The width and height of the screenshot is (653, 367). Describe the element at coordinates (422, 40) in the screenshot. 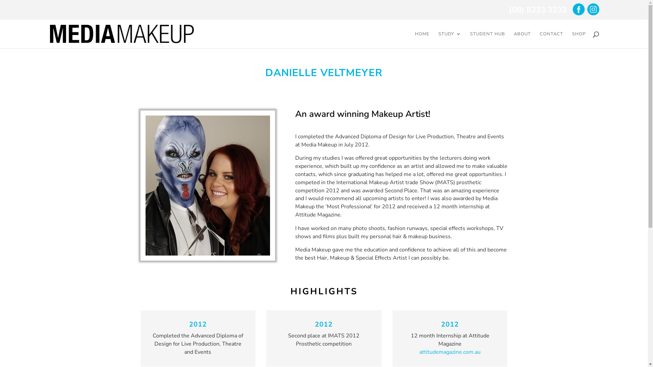

I see `'HOME'` at that location.